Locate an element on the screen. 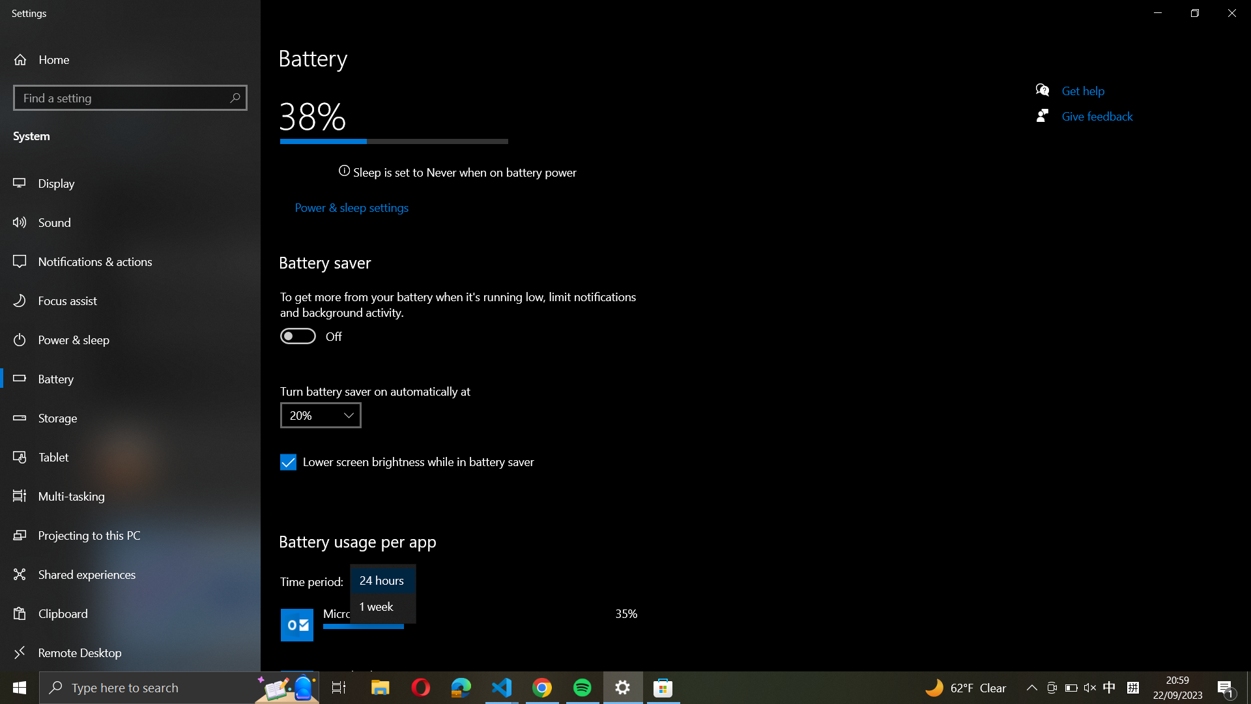 The height and width of the screenshot is (704, 1251). Disable lower screen brightness checkbox while in battery saver is located at coordinates (287, 462).